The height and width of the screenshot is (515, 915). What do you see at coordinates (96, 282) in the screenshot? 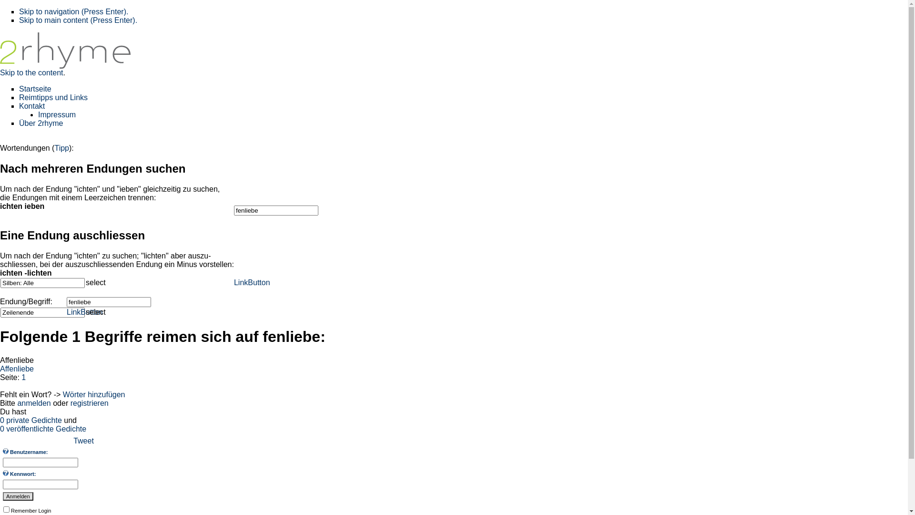
I see `'select'` at bounding box center [96, 282].